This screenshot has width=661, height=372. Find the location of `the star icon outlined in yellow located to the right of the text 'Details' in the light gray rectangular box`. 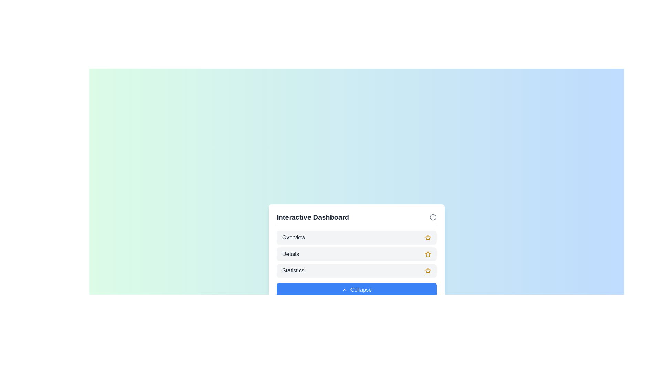

the star icon outlined in yellow located to the right of the text 'Details' in the light gray rectangular box is located at coordinates (428, 254).